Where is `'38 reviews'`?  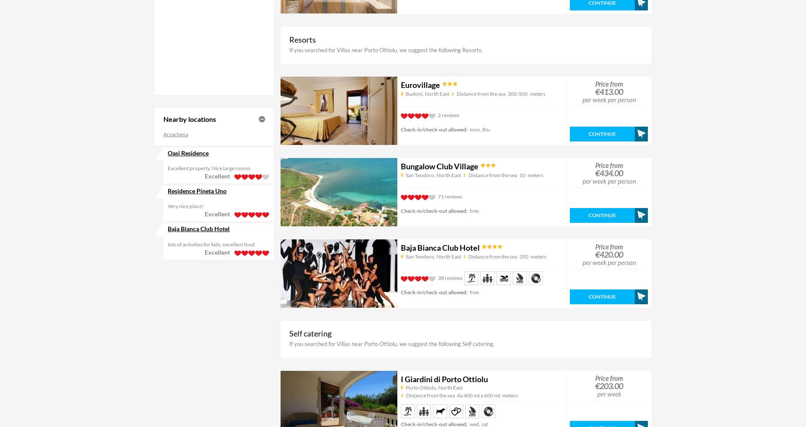 '38 reviews' is located at coordinates (449, 278).